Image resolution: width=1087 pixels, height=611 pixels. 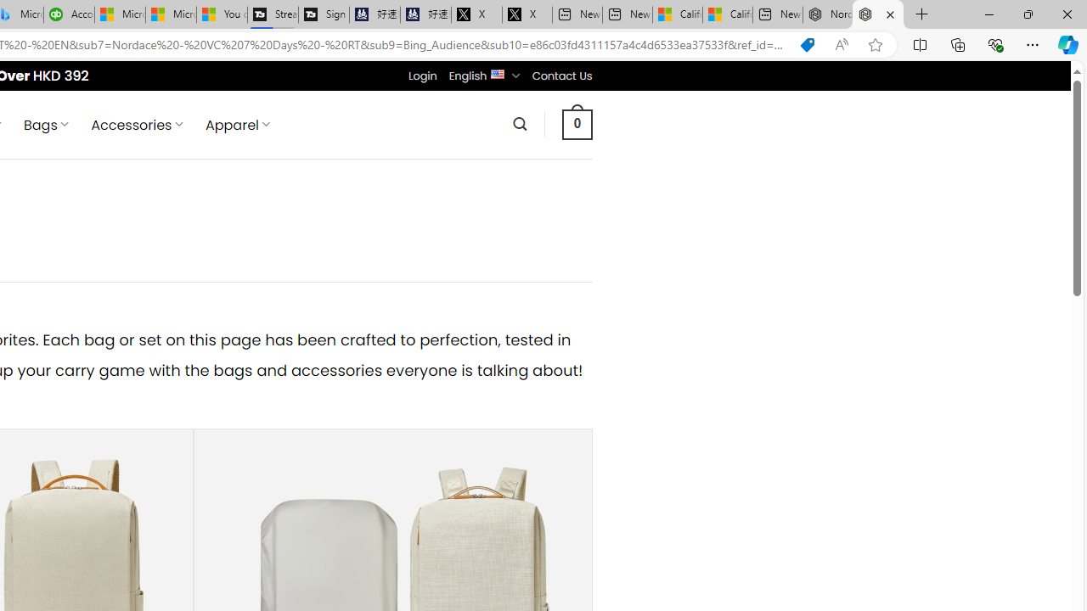 I want to click on 'Nordace - Best Sellers', so click(x=878, y=14).